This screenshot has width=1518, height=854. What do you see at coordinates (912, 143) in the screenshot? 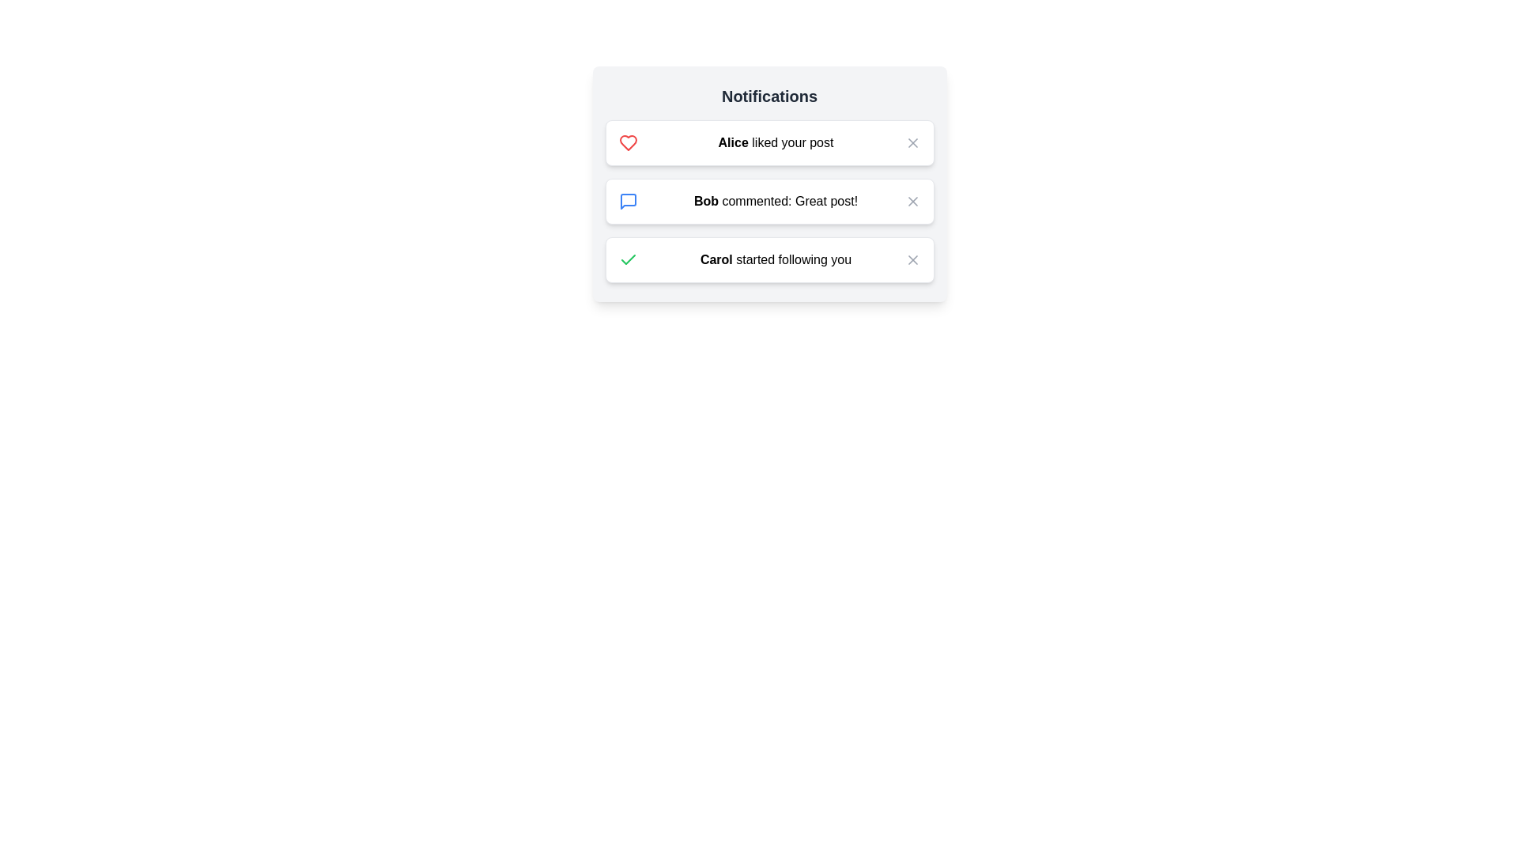
I see `the close button icon represented by the 'X' symbol in the notification for 'Alice liked your post'` at bounding box center [912, 143].